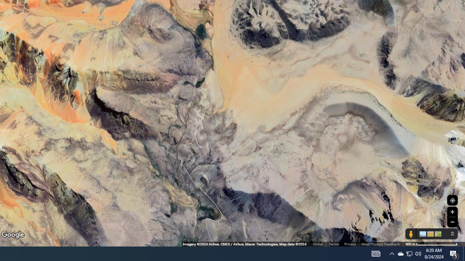 The width and height of the screenshot is (465, 261). I want to click on 'Zoom in', so click(452, 212).